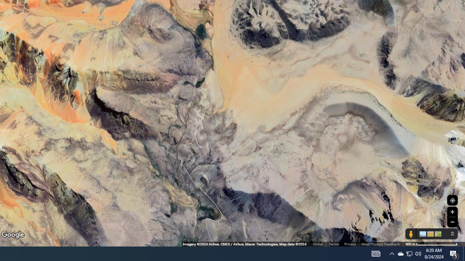 The width and height of the screenshot is (465, 261). I want to click on 'Zoom in', so click(452, 212).